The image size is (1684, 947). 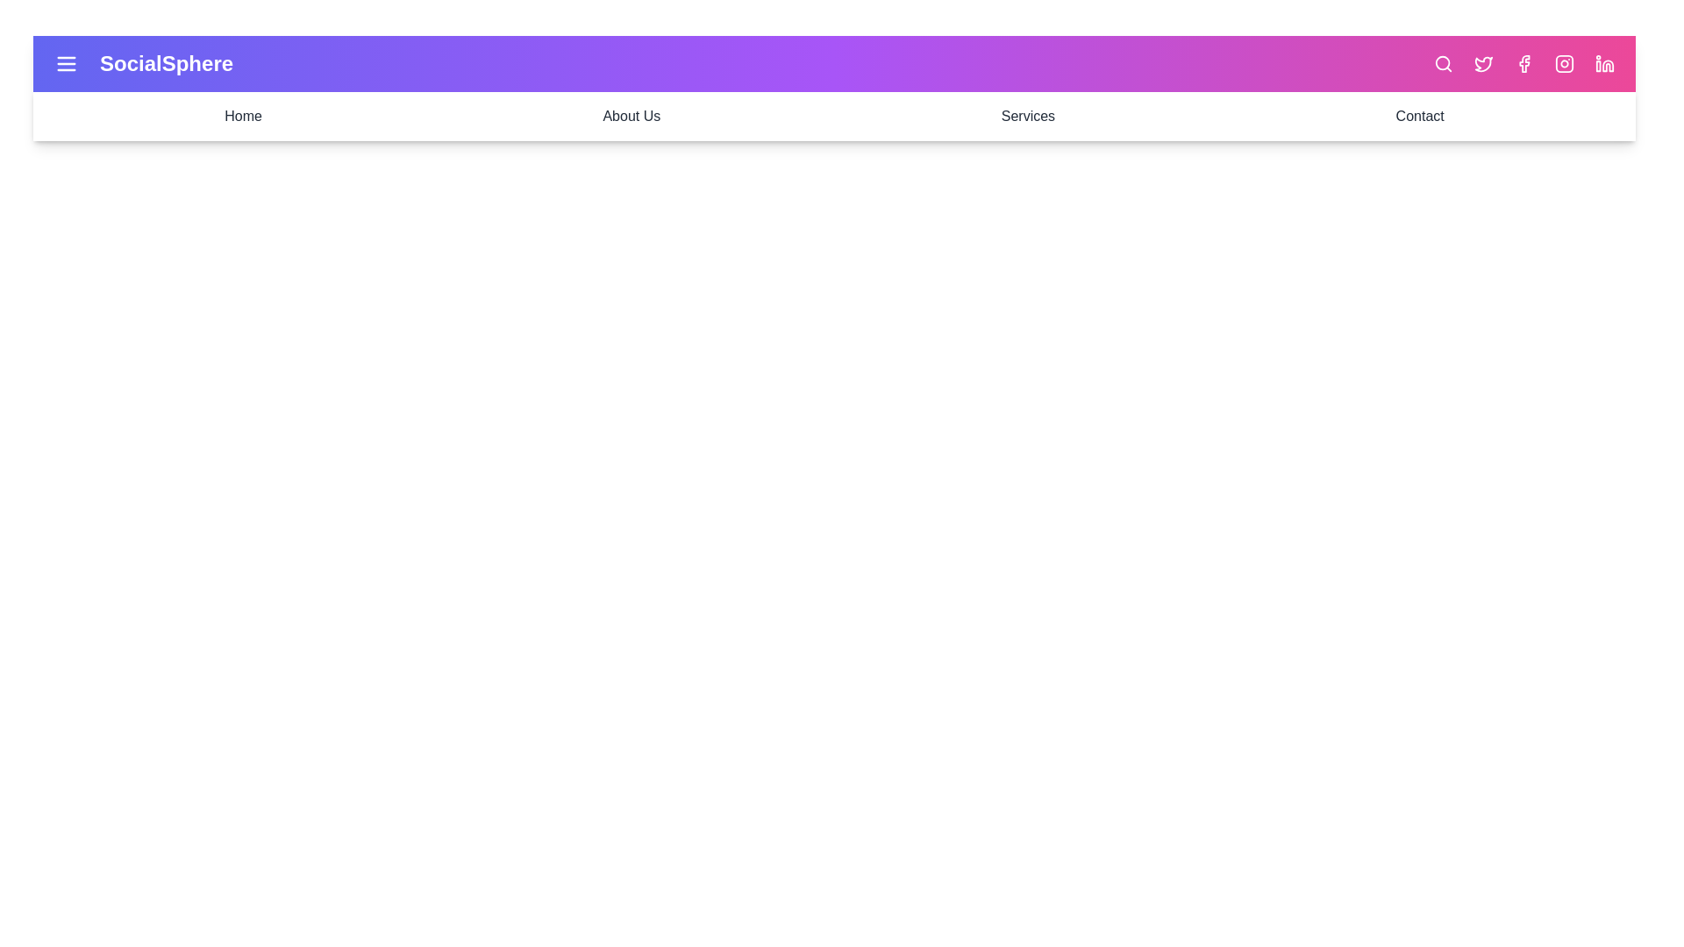 I want to click on the Twitter icon to open its respective link, so click(x=1482, y=63).